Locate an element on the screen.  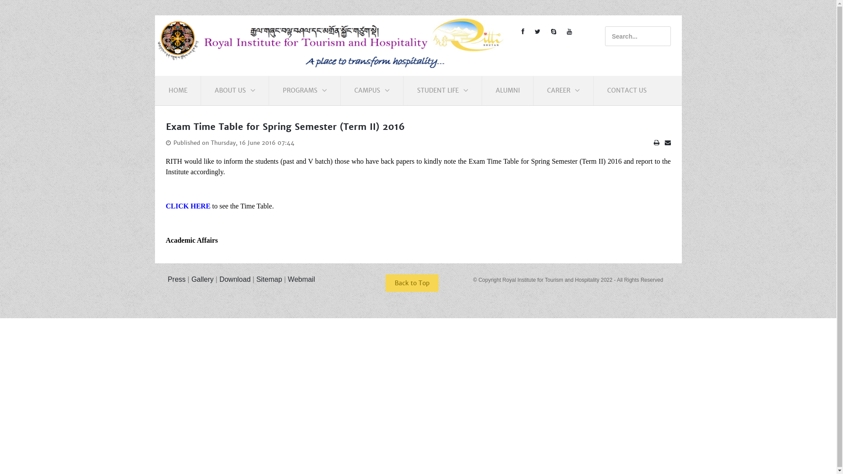
'CONTACT US' is located at coordinates (626, 90).